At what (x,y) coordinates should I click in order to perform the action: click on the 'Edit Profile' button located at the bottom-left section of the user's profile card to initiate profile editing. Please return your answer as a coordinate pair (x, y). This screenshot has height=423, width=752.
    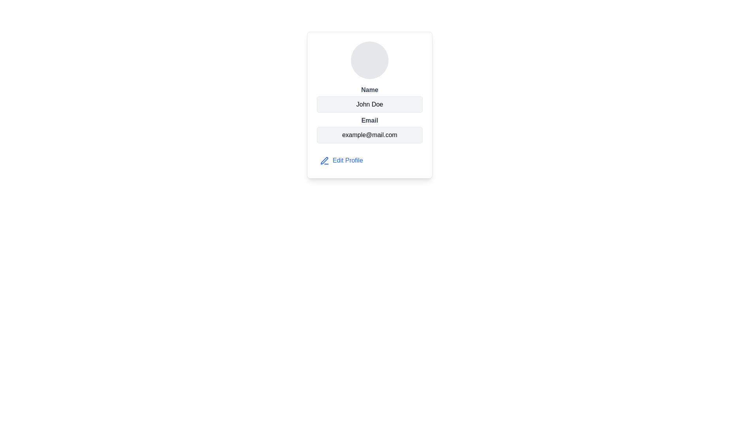
    Looking at the image, I should click on (341, 160).